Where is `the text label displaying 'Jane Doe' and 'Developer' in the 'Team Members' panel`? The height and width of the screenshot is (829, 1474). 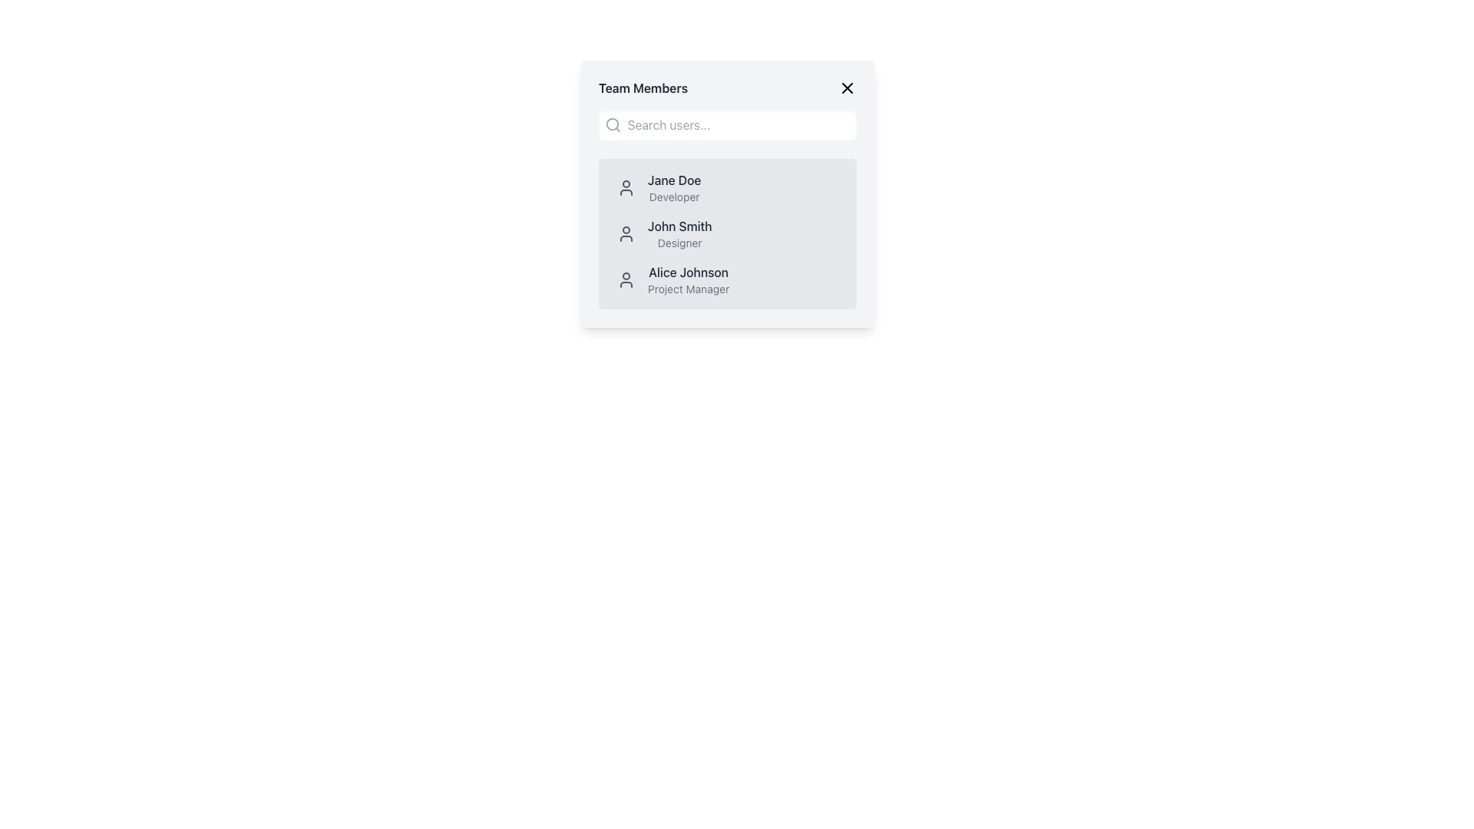
the text label displaying 'Jane Doe' and 'Developer' in the 'Team Members' panel is located at coordinates (674, 187).